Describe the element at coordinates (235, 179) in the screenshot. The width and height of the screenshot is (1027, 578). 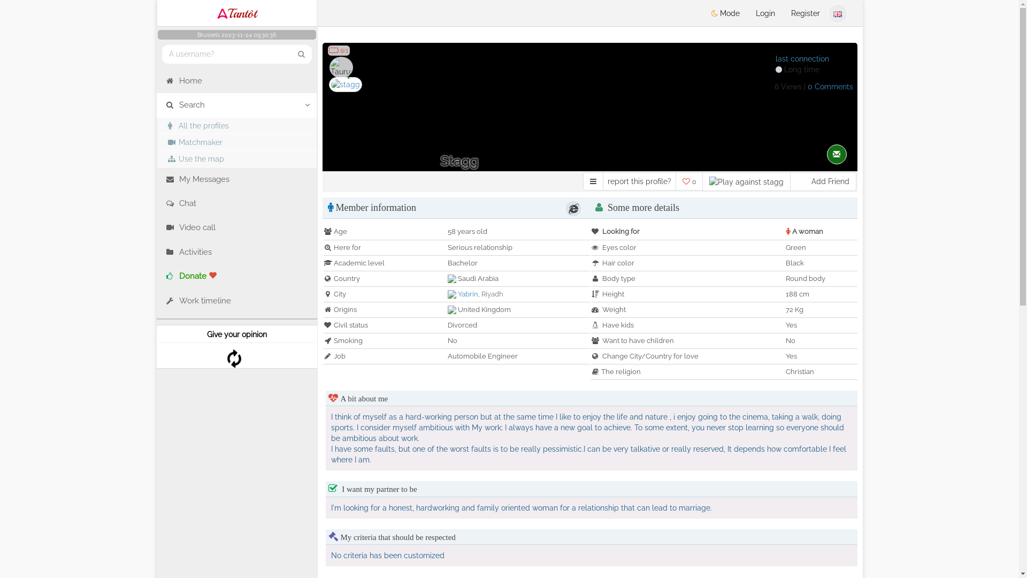
I see `'My Messages'` at that location.